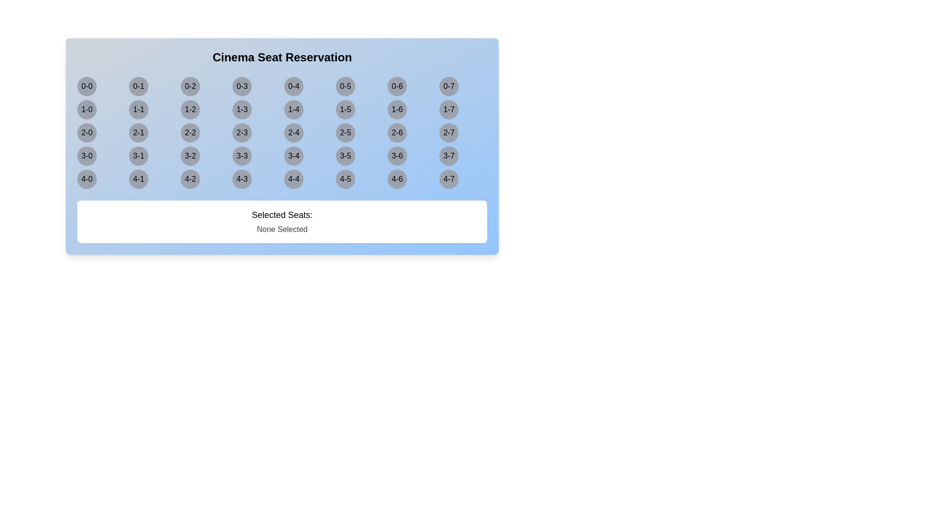 The image size is (928, 522). I want to click on the button labeled '3-4' in the grid layout, so click(293, 156).